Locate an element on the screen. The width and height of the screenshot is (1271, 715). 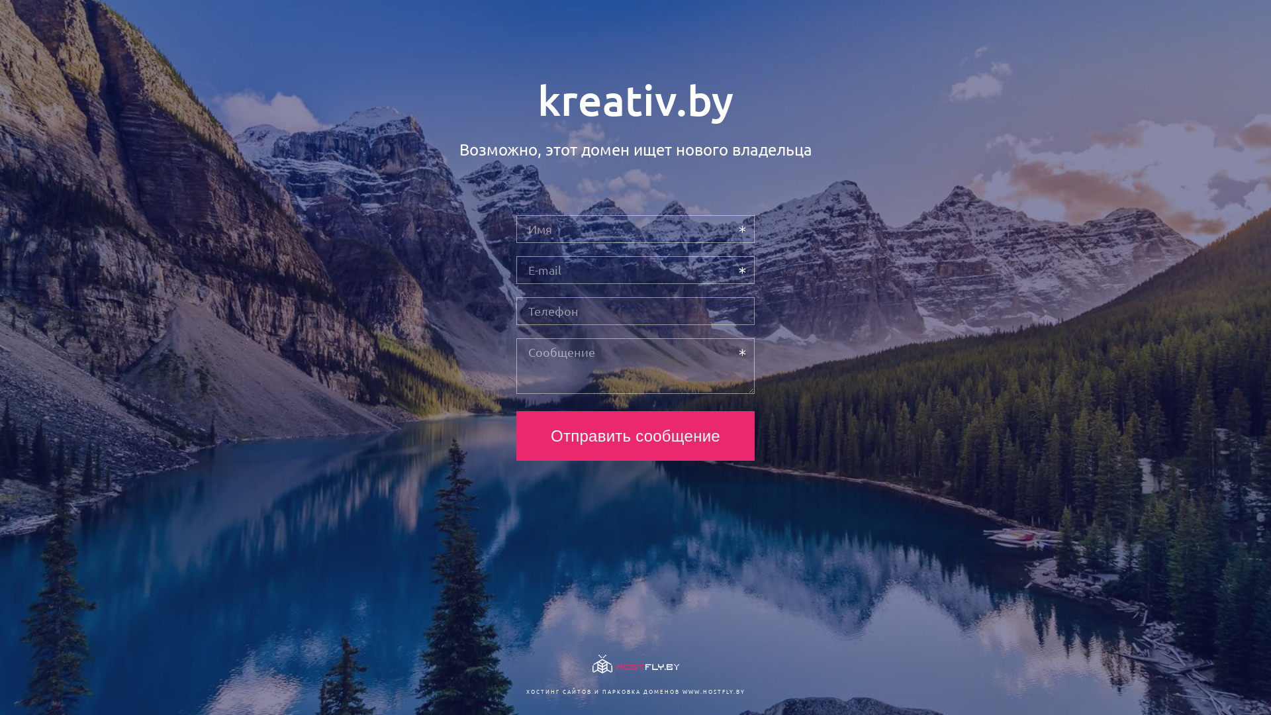
'WWW.HOSTFLY.BY' is located at coordinates (682, 691).